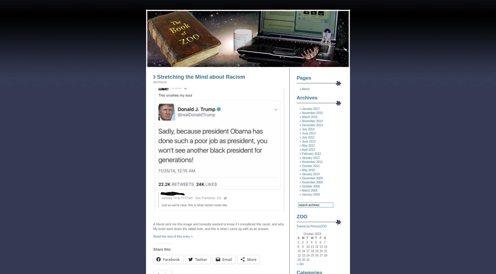 This screenshot has height=274, width=496. I want to click on '9', so click(302, 246).